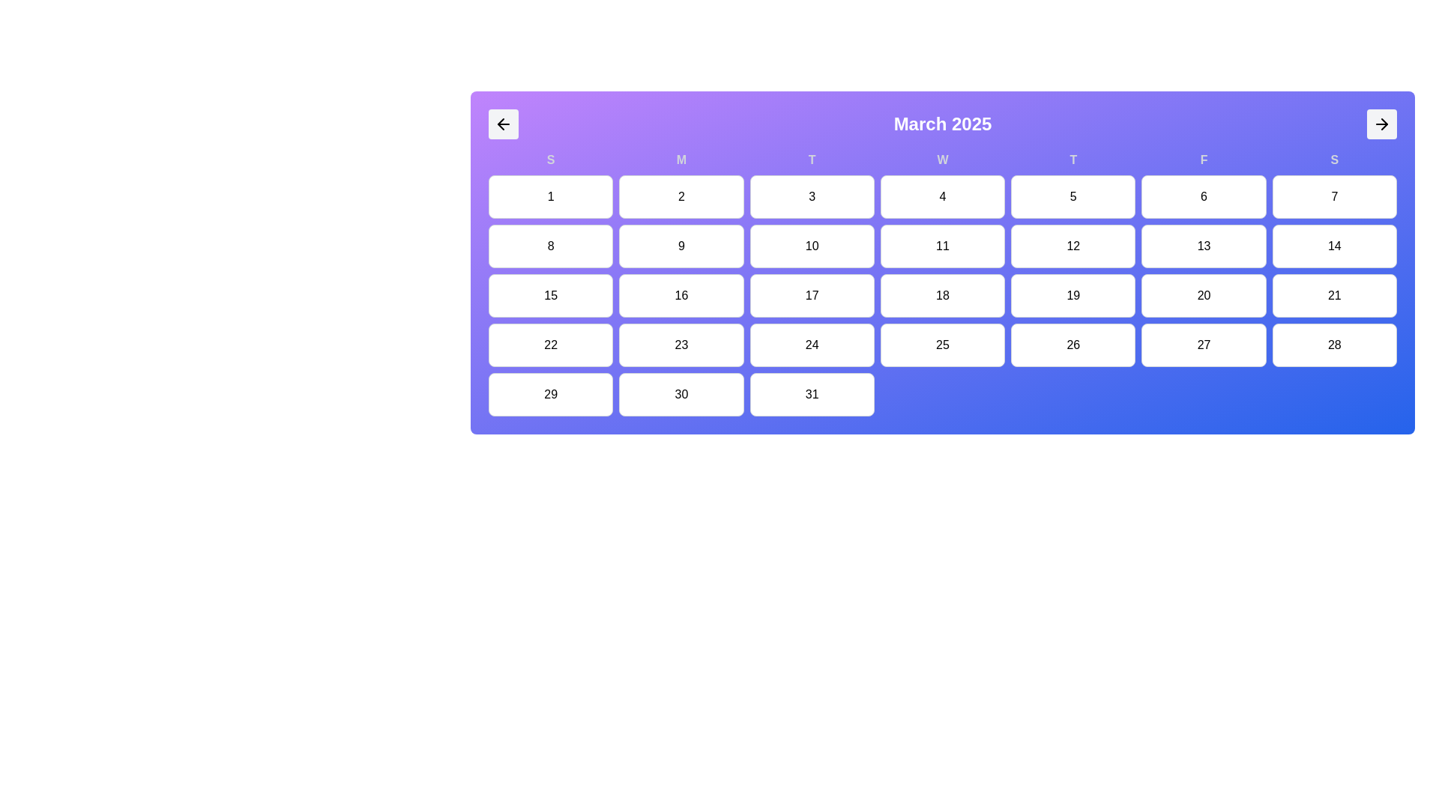  I want to click on the arrow button located in the top-left corner of the purple calendar interface card, so click(504, 123).